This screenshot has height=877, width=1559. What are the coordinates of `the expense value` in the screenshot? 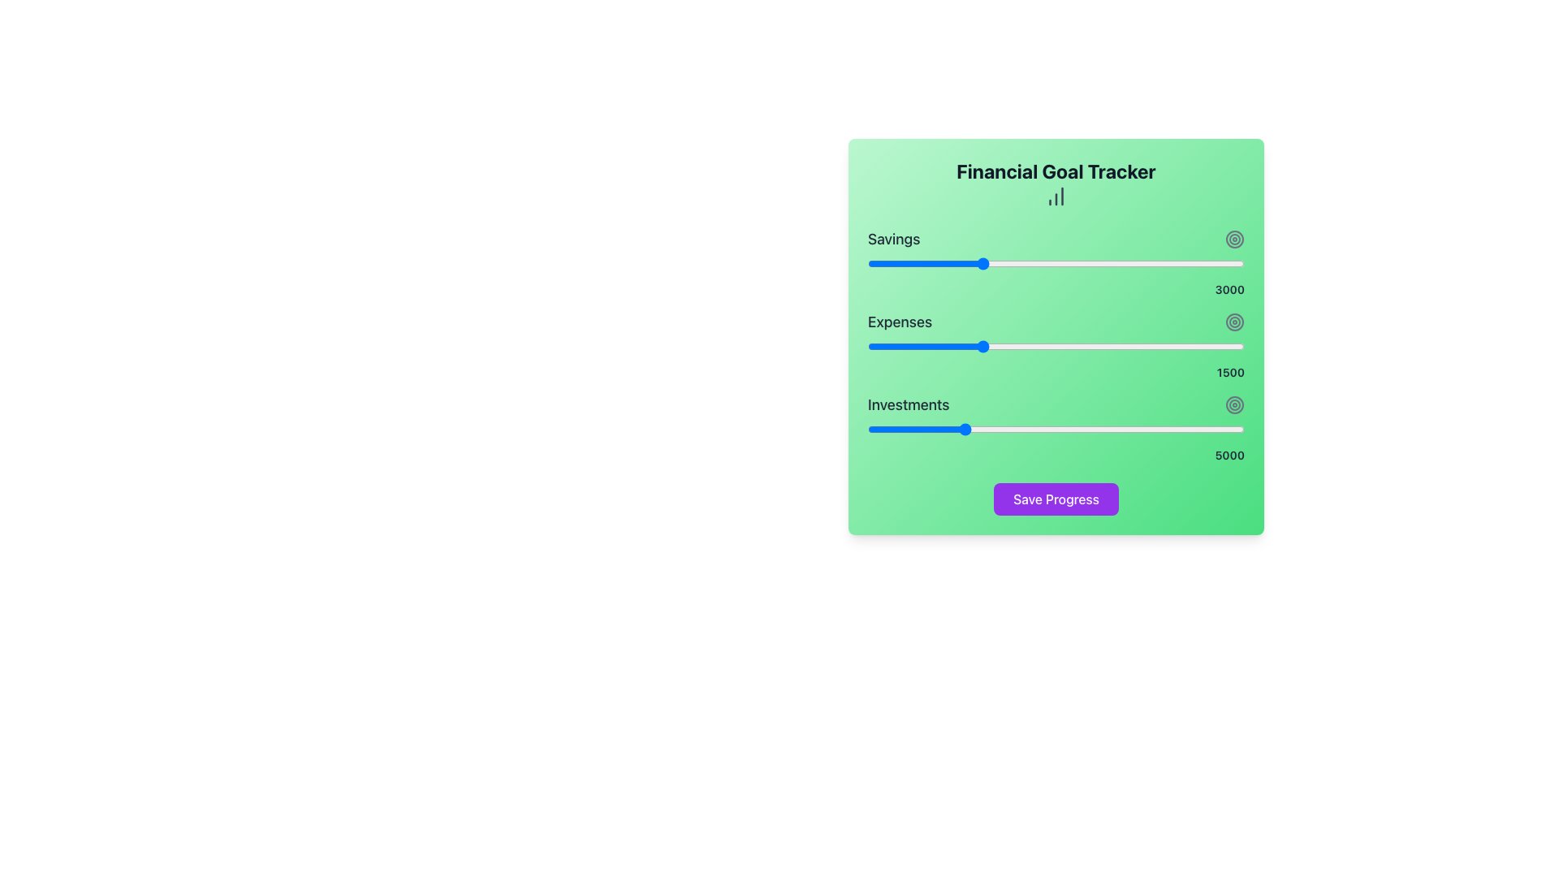 It's located at (991, 346).